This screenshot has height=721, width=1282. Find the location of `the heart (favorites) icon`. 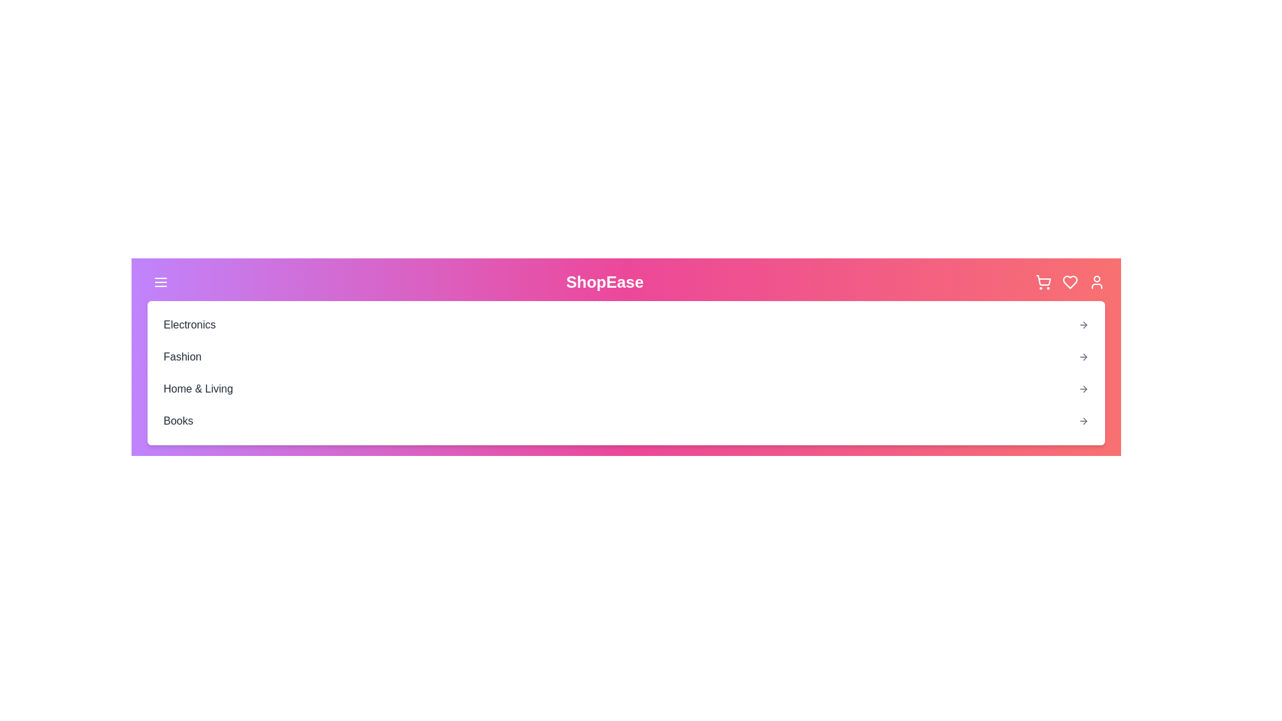

the heart (favorites) icon is located at coordinates (1070, 282).